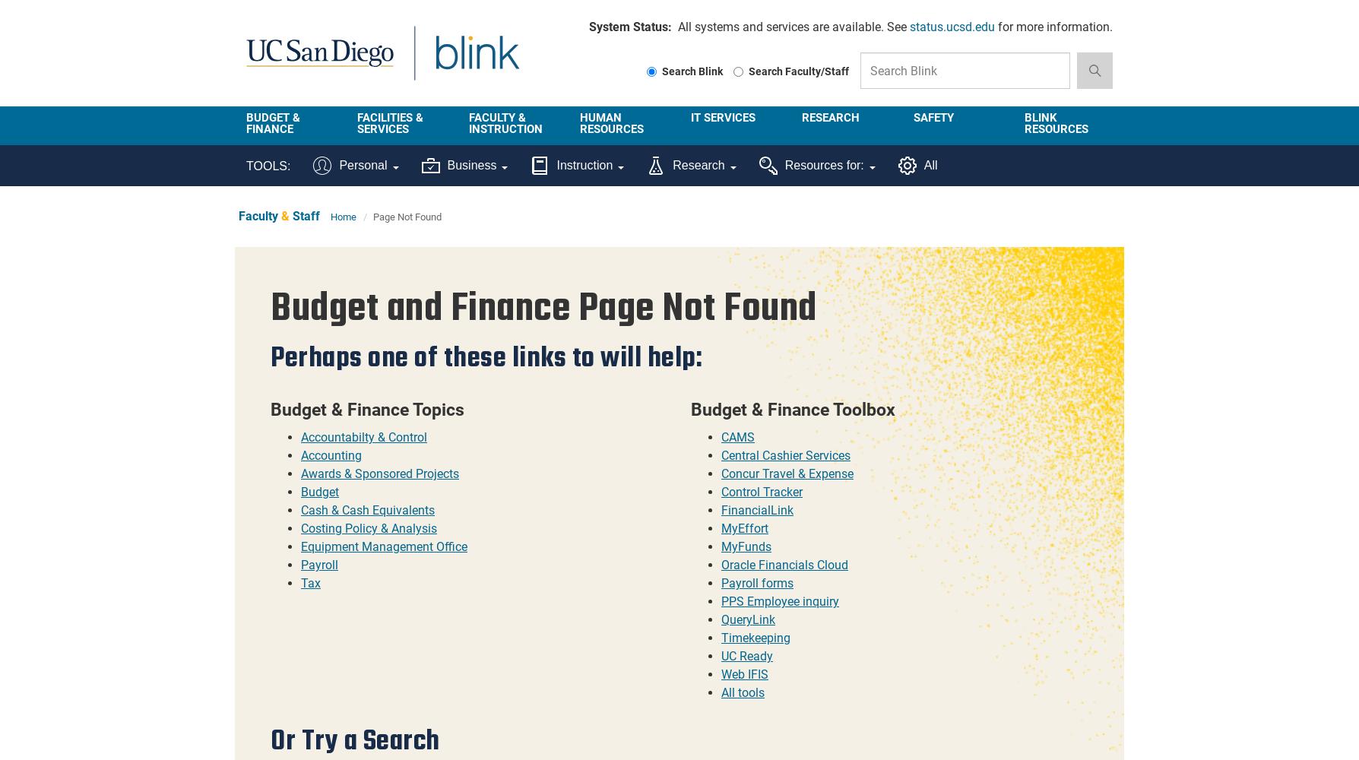 This screenshot has height=760, width=1359. Describe the element at coordinates (309, 583) in the screenshot. I see `'Tax'` at that location.